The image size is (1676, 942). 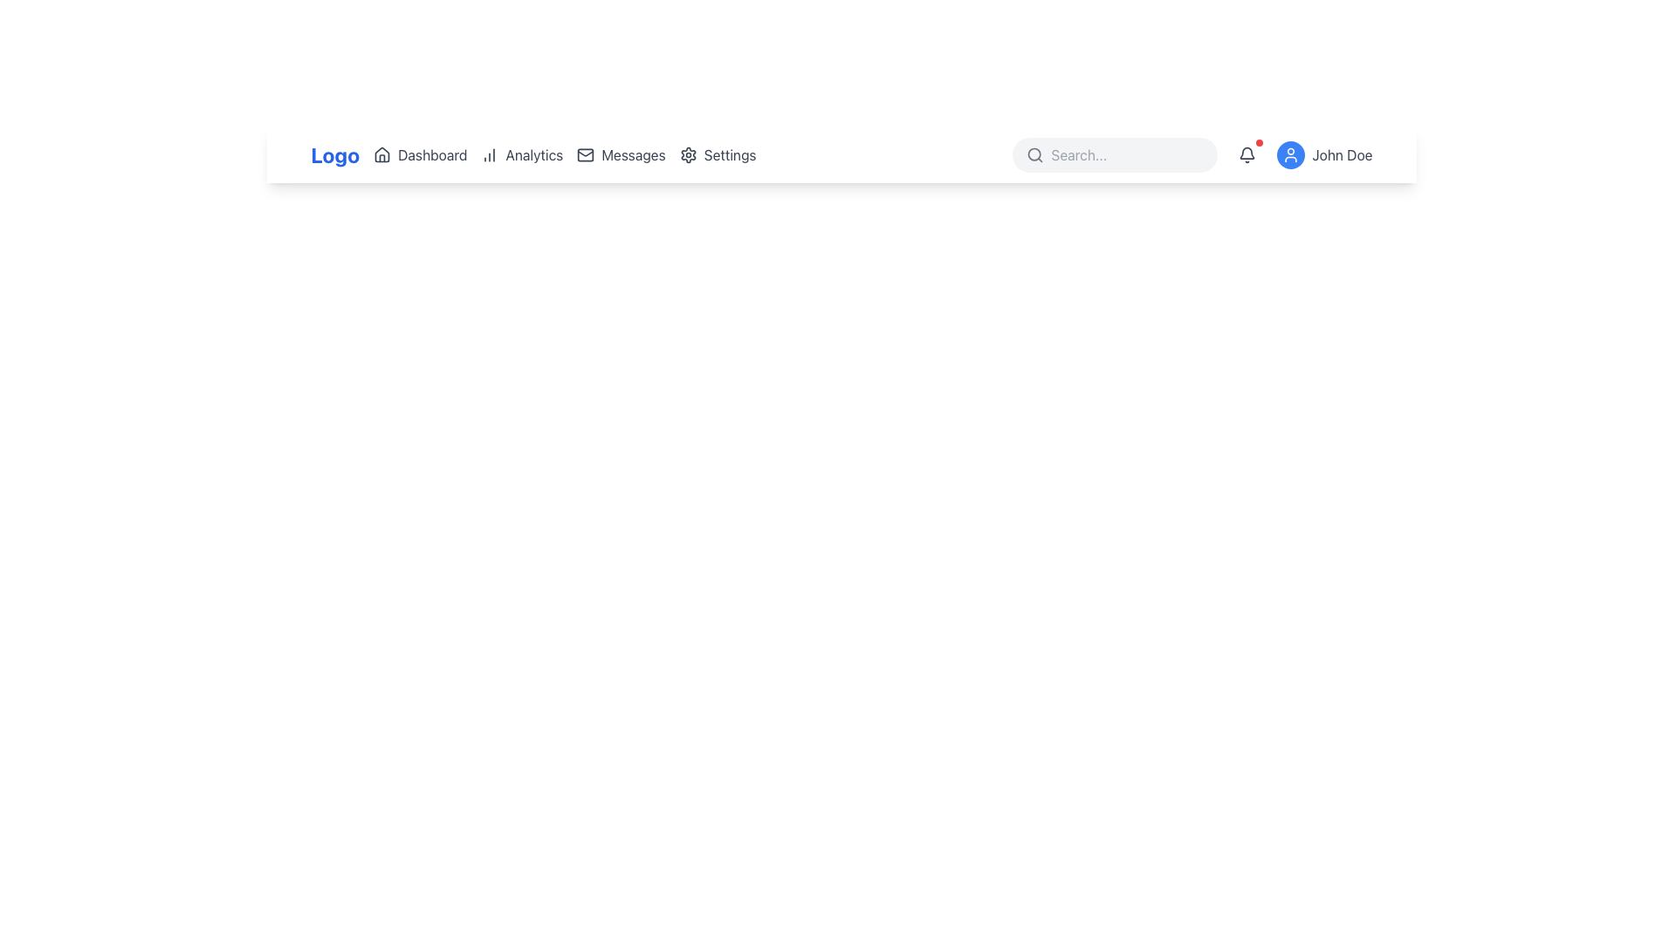 What do you see at coordinates (1247, 154) in the screenshot?
I see `the bell icon located in the top bar near the right corner` at bounding box center [1247, 154].